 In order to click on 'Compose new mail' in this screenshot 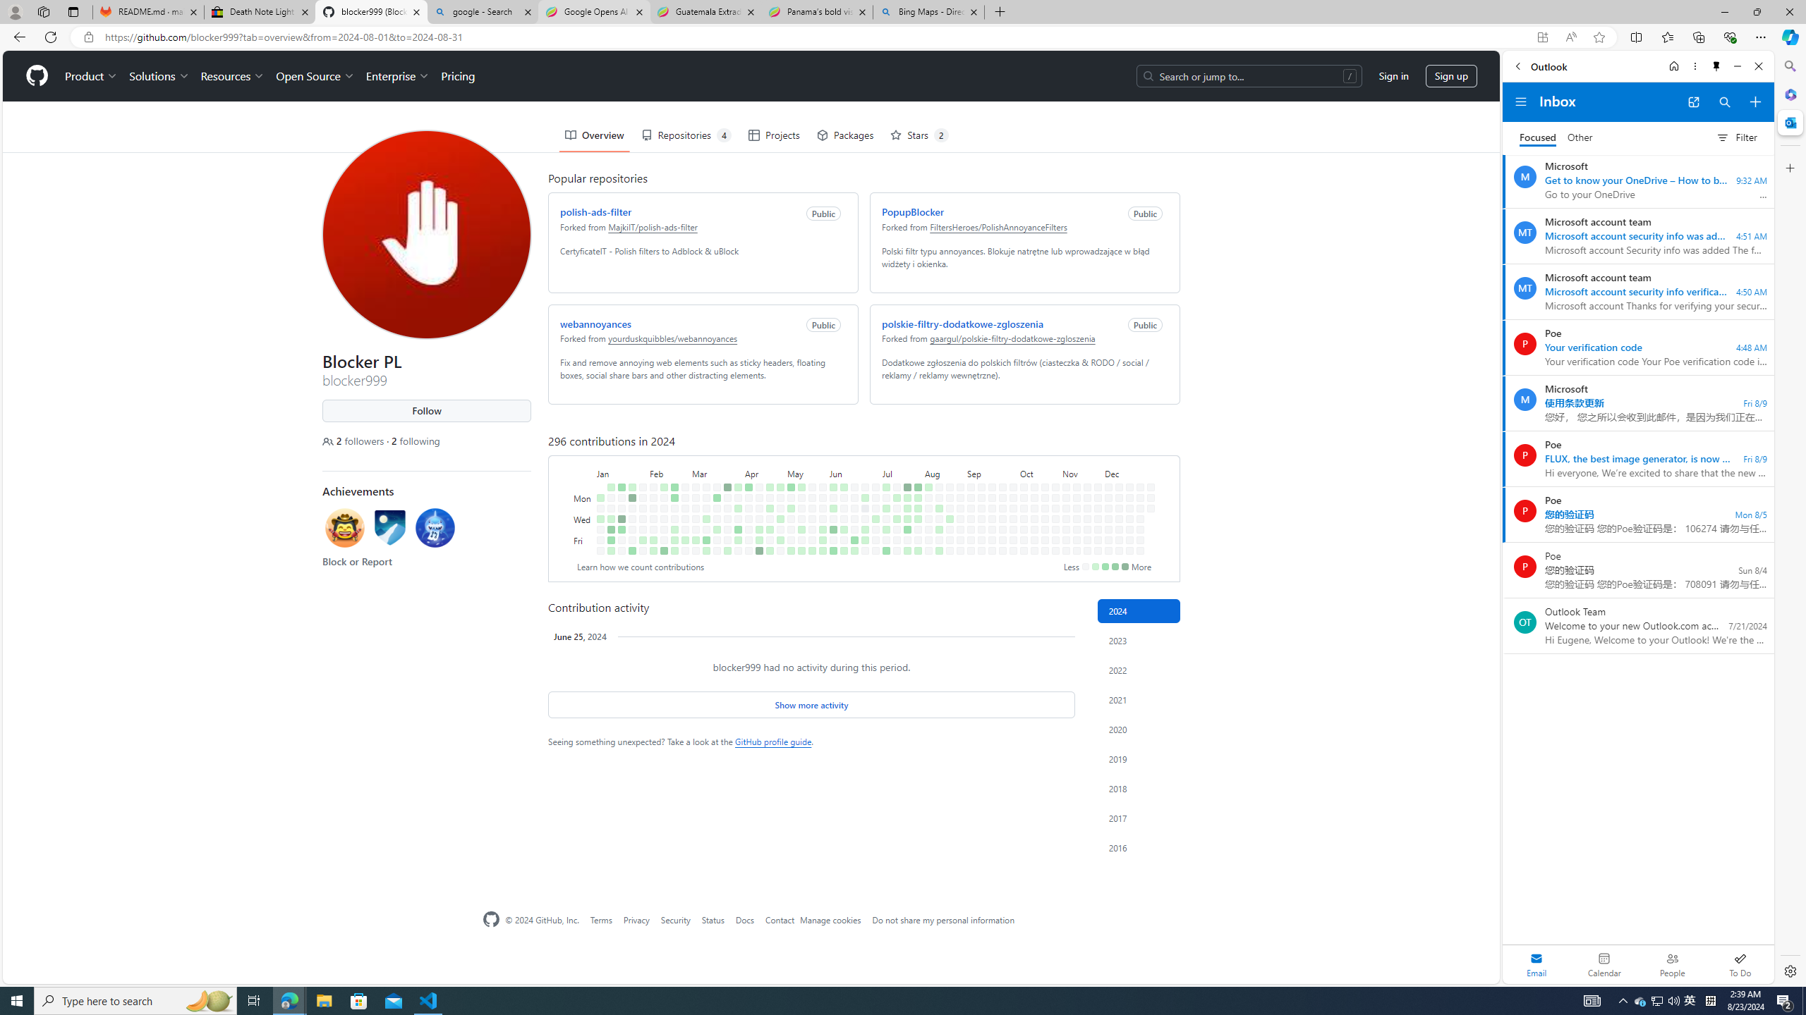, I will do `click(1755, 102)`.